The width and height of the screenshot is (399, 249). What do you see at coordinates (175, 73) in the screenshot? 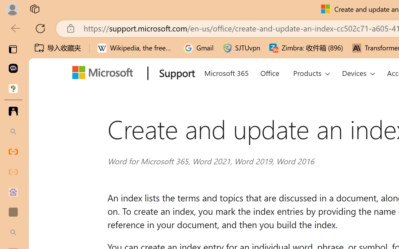
I see `'Support'` at bounding box center [175, 73].